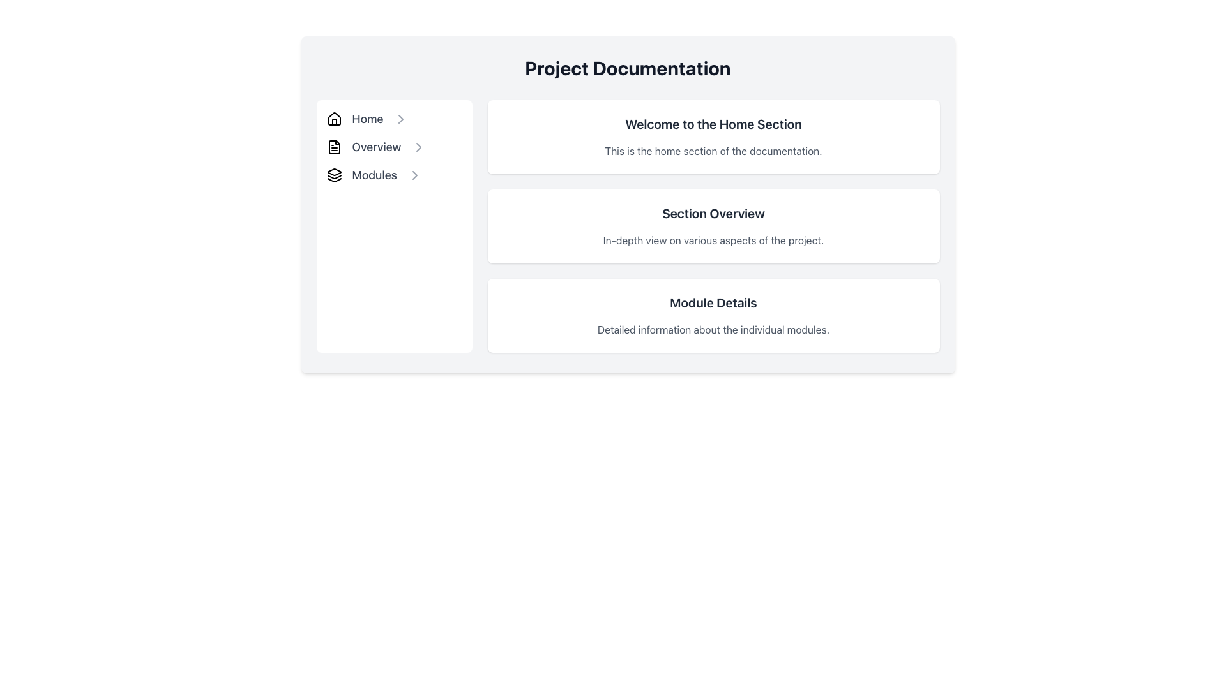 The height and width of the screenshot is (689, 1226). I want to click on the informational block titled 'Module Details', which contains a description about the individual modules, so click(713, 315).